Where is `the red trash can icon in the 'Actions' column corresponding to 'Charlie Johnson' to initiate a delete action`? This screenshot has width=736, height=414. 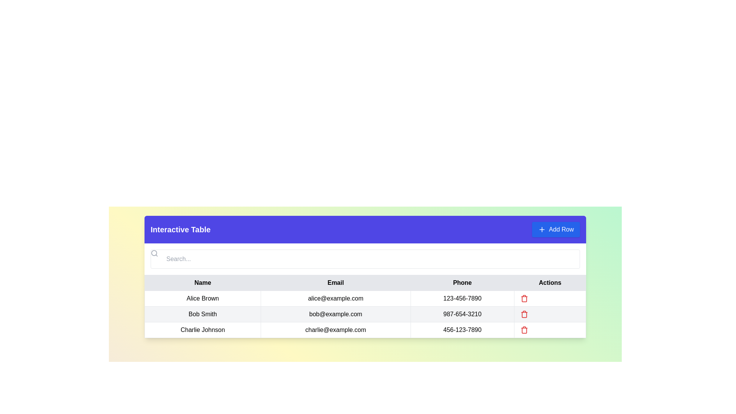
the red trash can icon in the 'Actions' column corresponding to 'Charlie Johnson' to initiate a delete action is located at coordinates (524, 329).